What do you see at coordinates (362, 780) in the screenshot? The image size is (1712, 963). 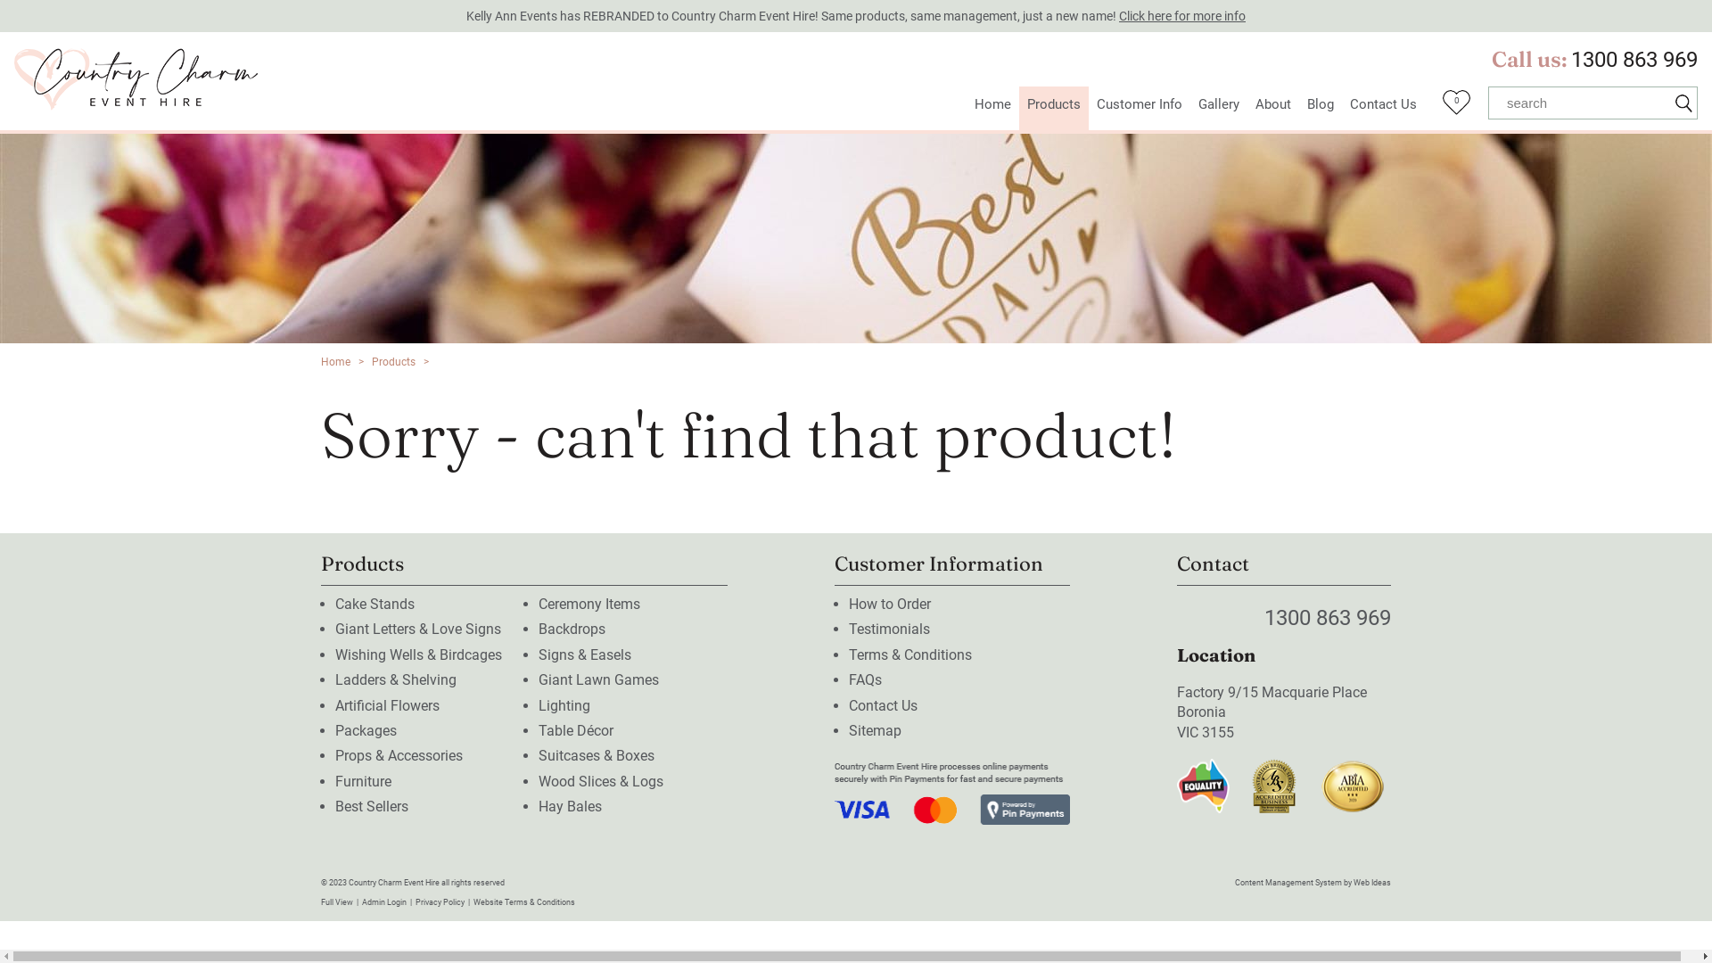 I see `'Furniture'` at bounding box center [362, 780].